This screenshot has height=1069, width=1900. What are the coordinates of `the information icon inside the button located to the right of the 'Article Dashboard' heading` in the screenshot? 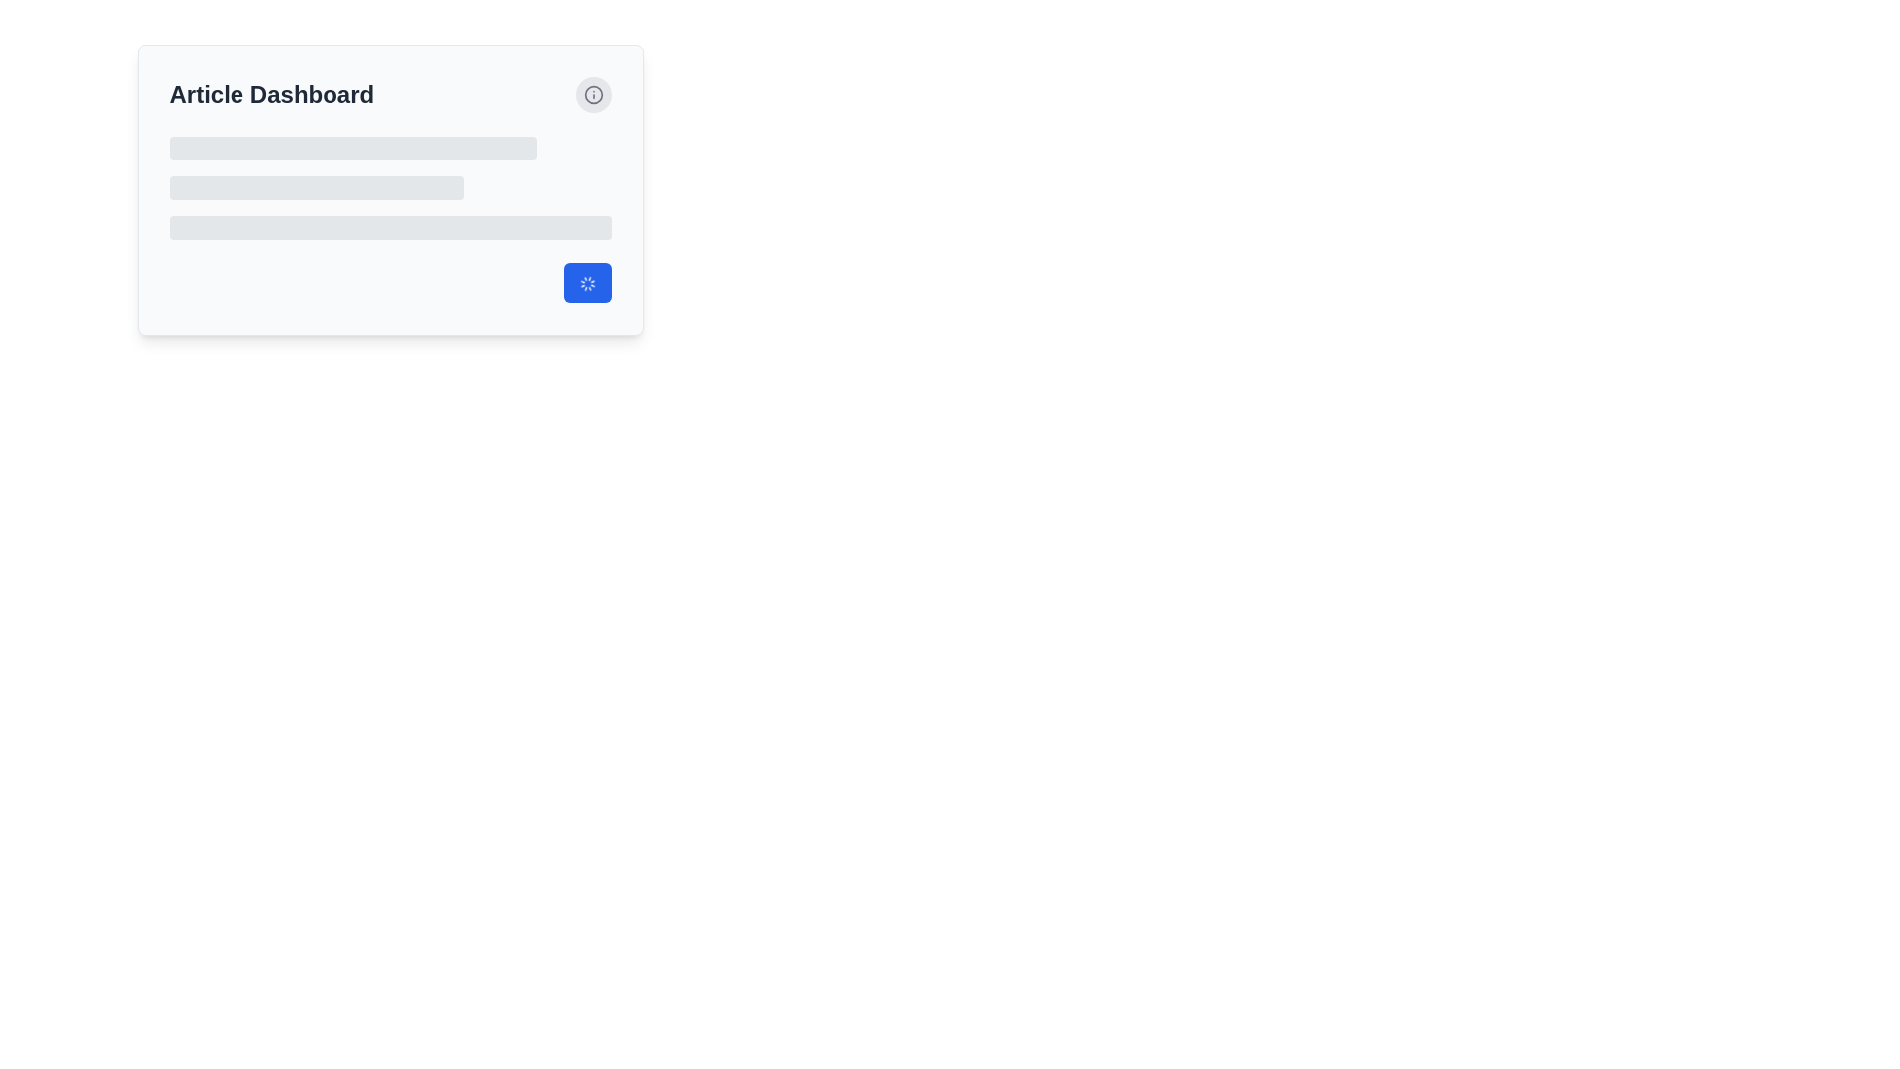 It's located at (592, 95).